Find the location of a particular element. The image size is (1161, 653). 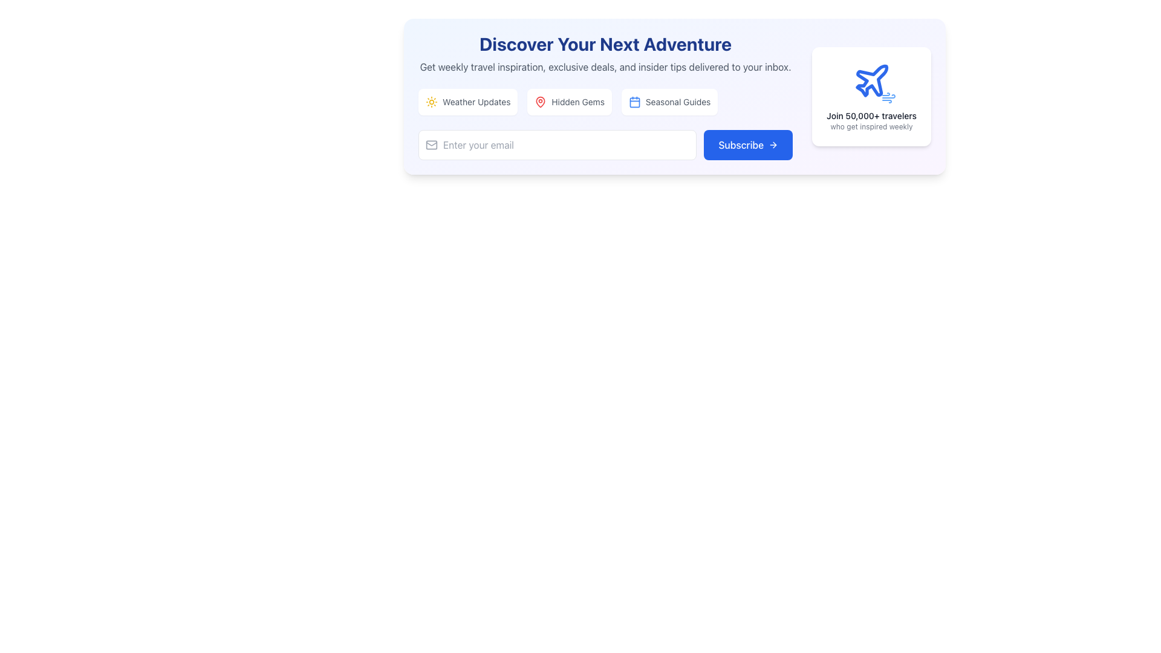

the text block that reads 'Join 50,000+ travelers' and 'who get inspired weekly', located under the airplane icon in the promotional section is located at coordinates (871, 121).